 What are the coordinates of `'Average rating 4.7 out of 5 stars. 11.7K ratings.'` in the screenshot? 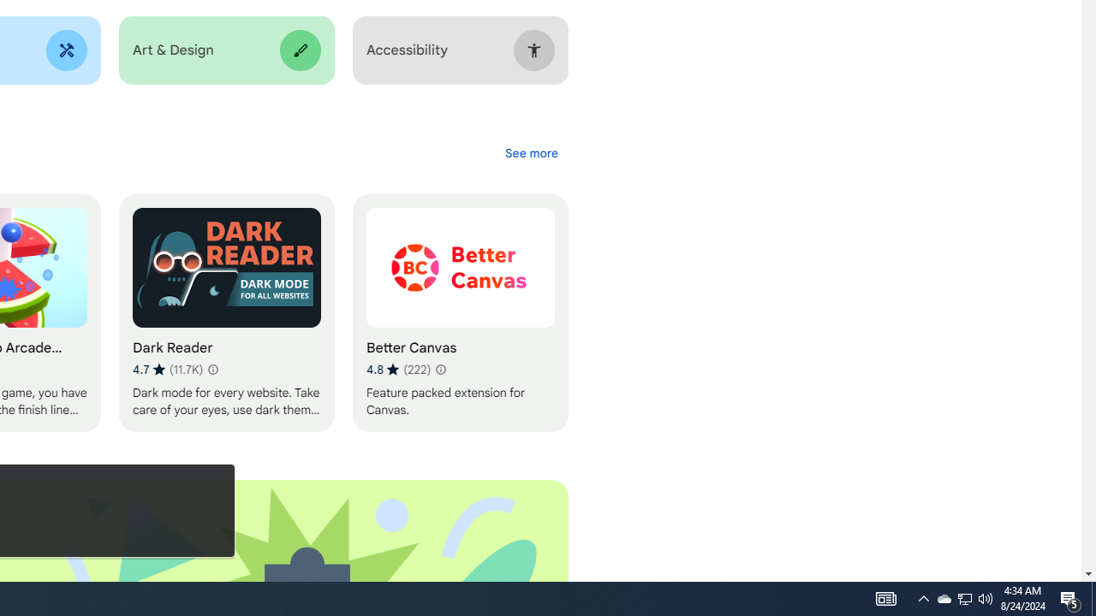 It's located at (167, 369).